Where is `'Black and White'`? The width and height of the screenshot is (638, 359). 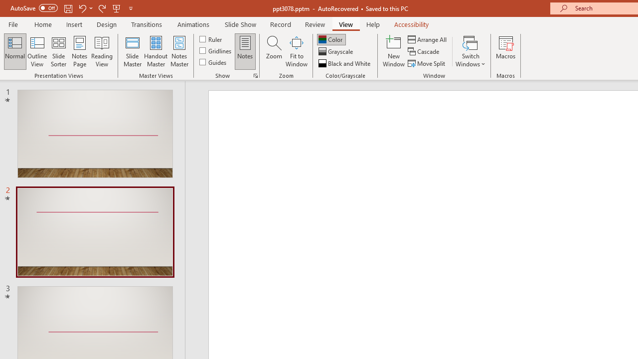 'Black and White' is located at coordinates (345, 63).